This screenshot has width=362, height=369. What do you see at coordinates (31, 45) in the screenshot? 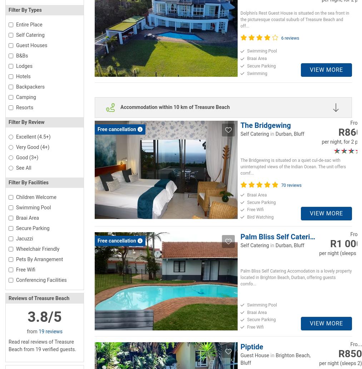
I see `'Guest Houses'` at bounding box center [31, 45].